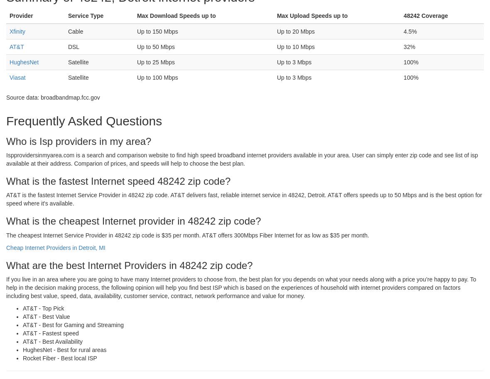 This screenshot has width=490, height=379. Describe the element at coordinates (187, 234) in the screenshot. I see `'The cheapest Internet Service Provider in 48242 zip code is $35 per month. AT&T offers 300Mbps Fiber Internet for as low as $35 per month.'` at that location.